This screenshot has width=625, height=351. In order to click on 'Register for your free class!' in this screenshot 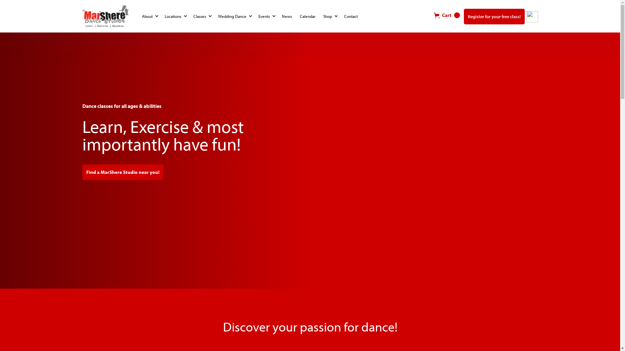, I will do `click(494, 16)`.